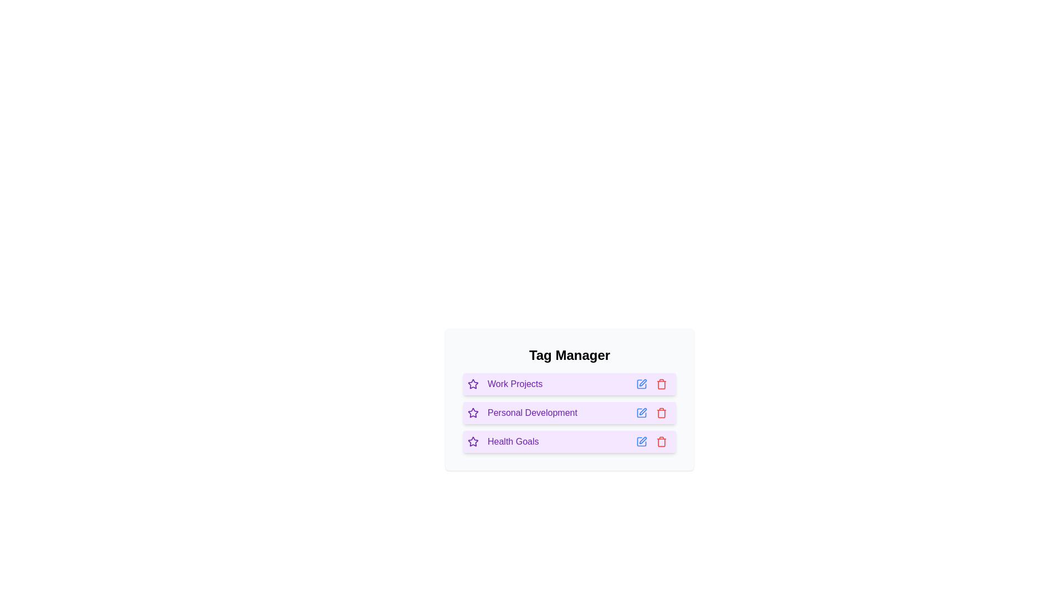 This screenshot has width=1064, height=598. Describe the element at coordinates (473, 413) in the screenshot. I see `the star icon next to the tag Personal Development` at that location.